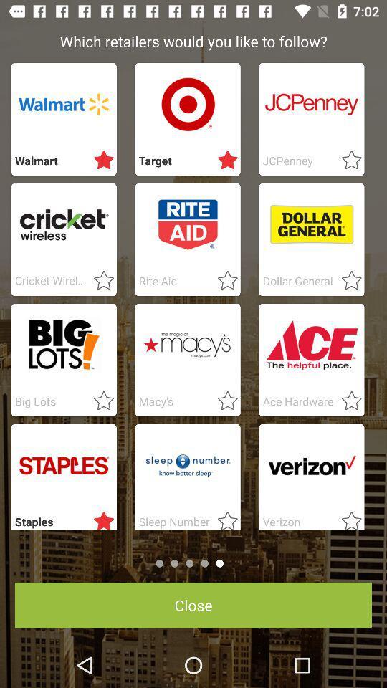 The width and height of the screenshot is (387, 688). Describe the element at coordinates (346, 401) in the screenshot. I see `to favourite` at that location.